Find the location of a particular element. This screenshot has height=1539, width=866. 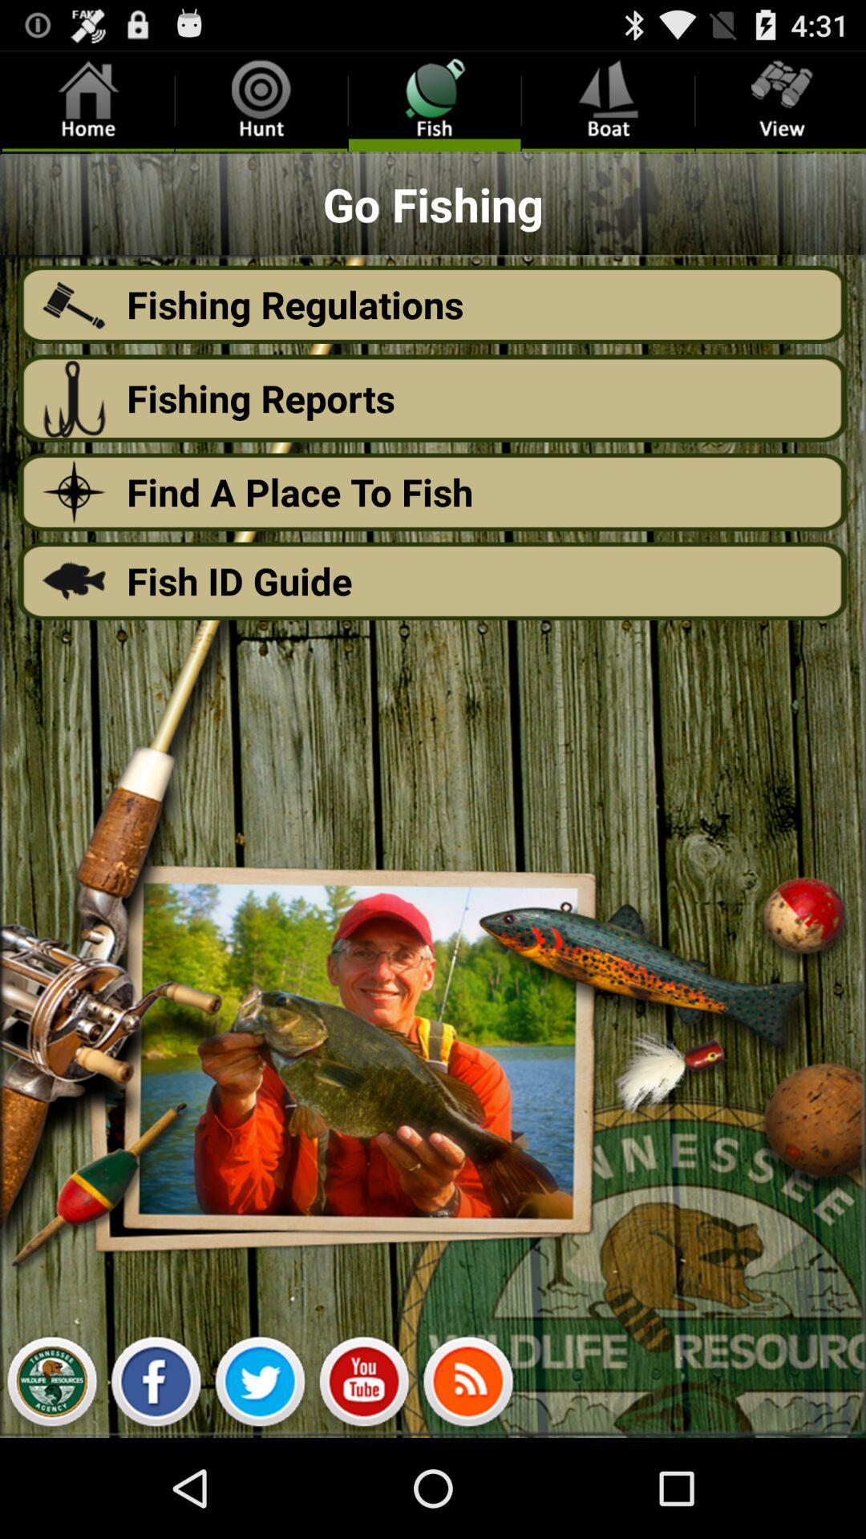

you tube option is located at coordinates (364, 1385).